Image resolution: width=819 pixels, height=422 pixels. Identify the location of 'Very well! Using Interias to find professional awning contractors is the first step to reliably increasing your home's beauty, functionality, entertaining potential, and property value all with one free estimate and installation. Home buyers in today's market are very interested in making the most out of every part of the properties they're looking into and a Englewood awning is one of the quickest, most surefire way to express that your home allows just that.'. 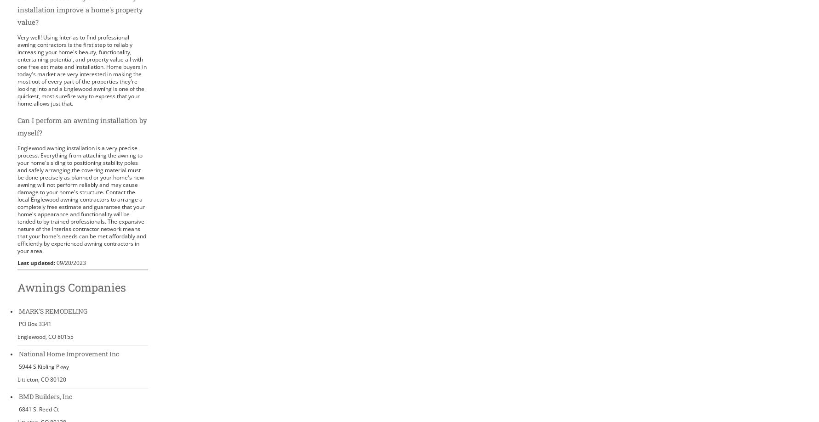
(82, 69).